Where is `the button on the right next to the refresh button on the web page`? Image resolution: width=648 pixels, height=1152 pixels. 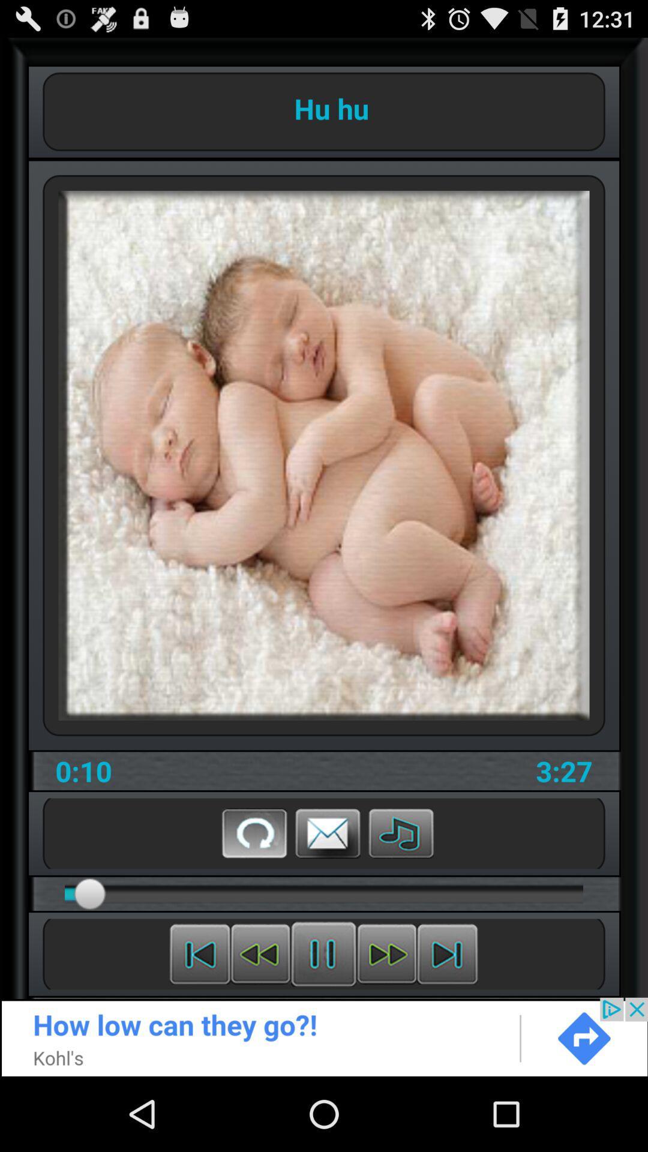
the button on the right next to the refresh button on the web page is located at coordinates (328, 832).